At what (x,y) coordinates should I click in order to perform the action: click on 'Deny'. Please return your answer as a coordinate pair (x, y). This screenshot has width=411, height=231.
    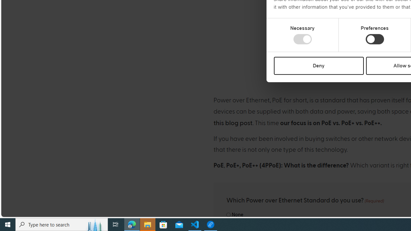
    Looking at the image, I should click on (319, 65).